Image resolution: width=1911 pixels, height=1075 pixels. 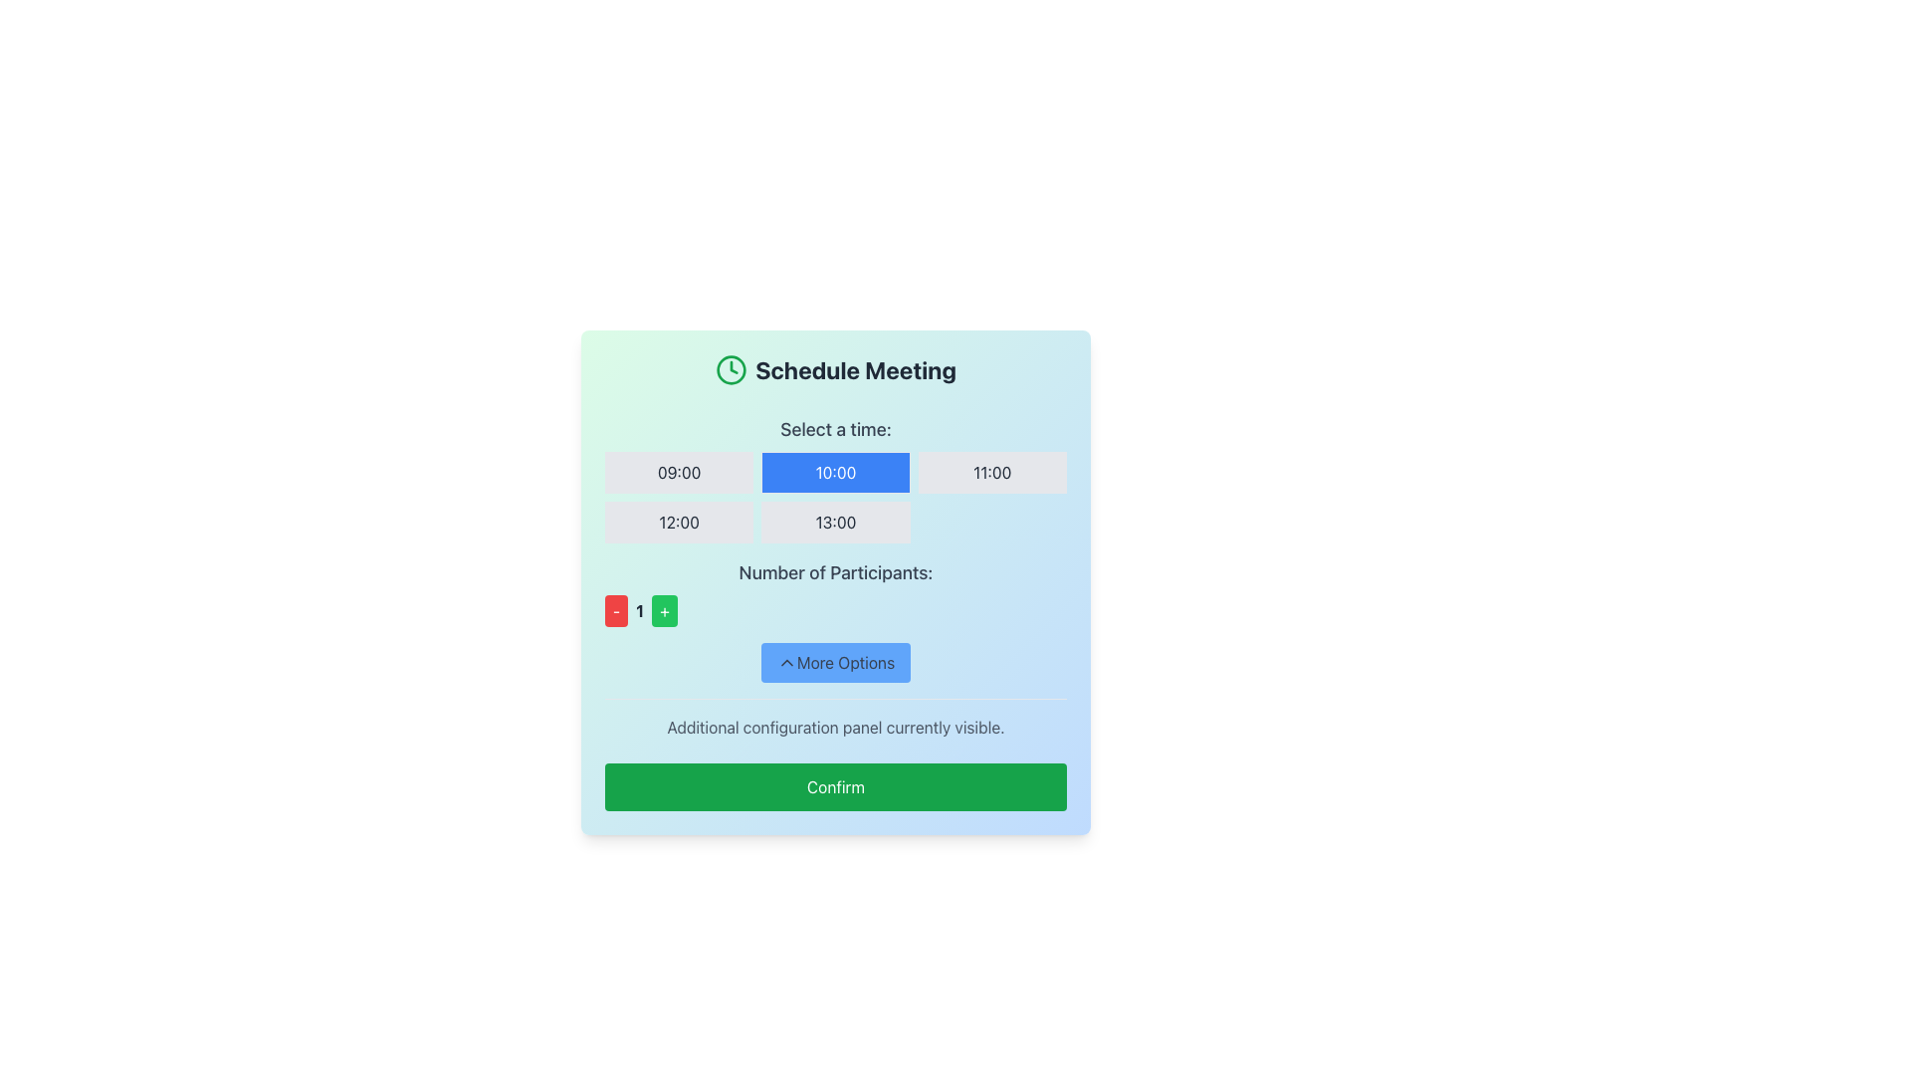 What do you see at coordinates (836, 369) in the screenshot?
I see `the static text label with an icon that serves as the title for the scheduling meeting interface, located at the top of the card layout` at bounding box center [836, 369].